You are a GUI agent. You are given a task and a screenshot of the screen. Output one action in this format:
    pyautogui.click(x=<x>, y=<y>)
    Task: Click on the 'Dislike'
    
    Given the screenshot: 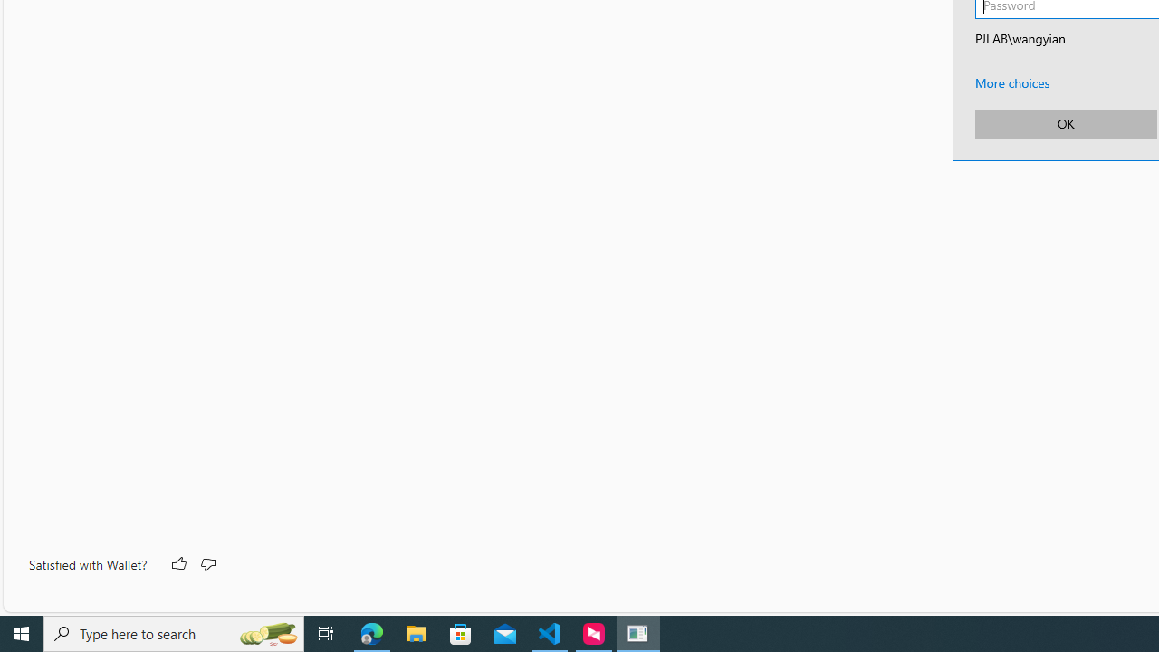 What is the action you would take?
    pyautogui.click(x=207, y=563)
    